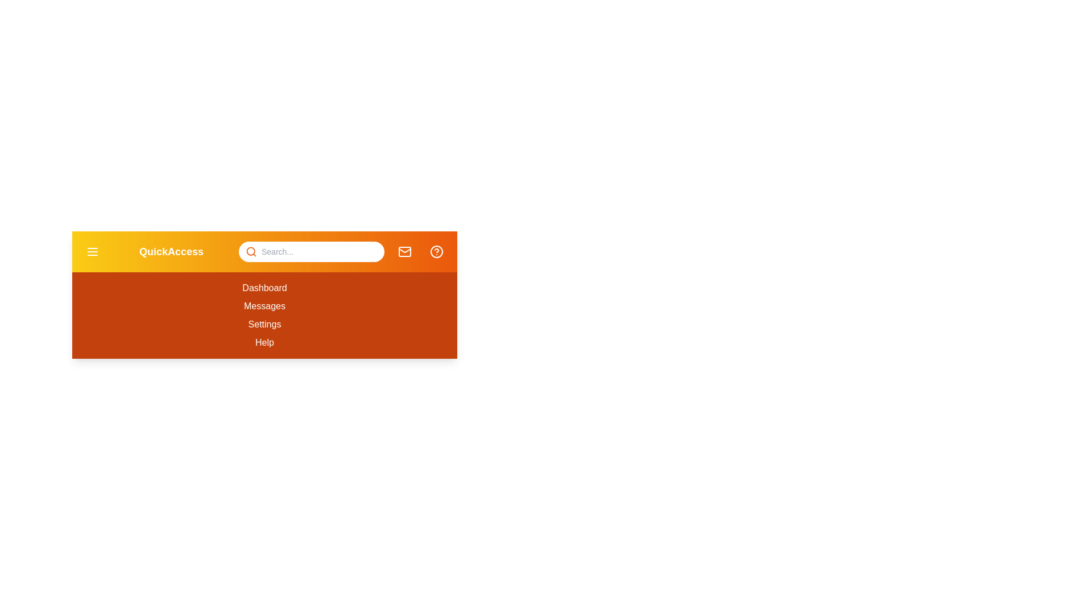 Image resolution: width=1092 pixels, height=614 pixels. What do you see at coordinates (264, 342) in the screenshot?
I see `the 'Help' text label which is the last menu item in a vertical stack, to activate the underline effect` at bounding box center [264, 342].